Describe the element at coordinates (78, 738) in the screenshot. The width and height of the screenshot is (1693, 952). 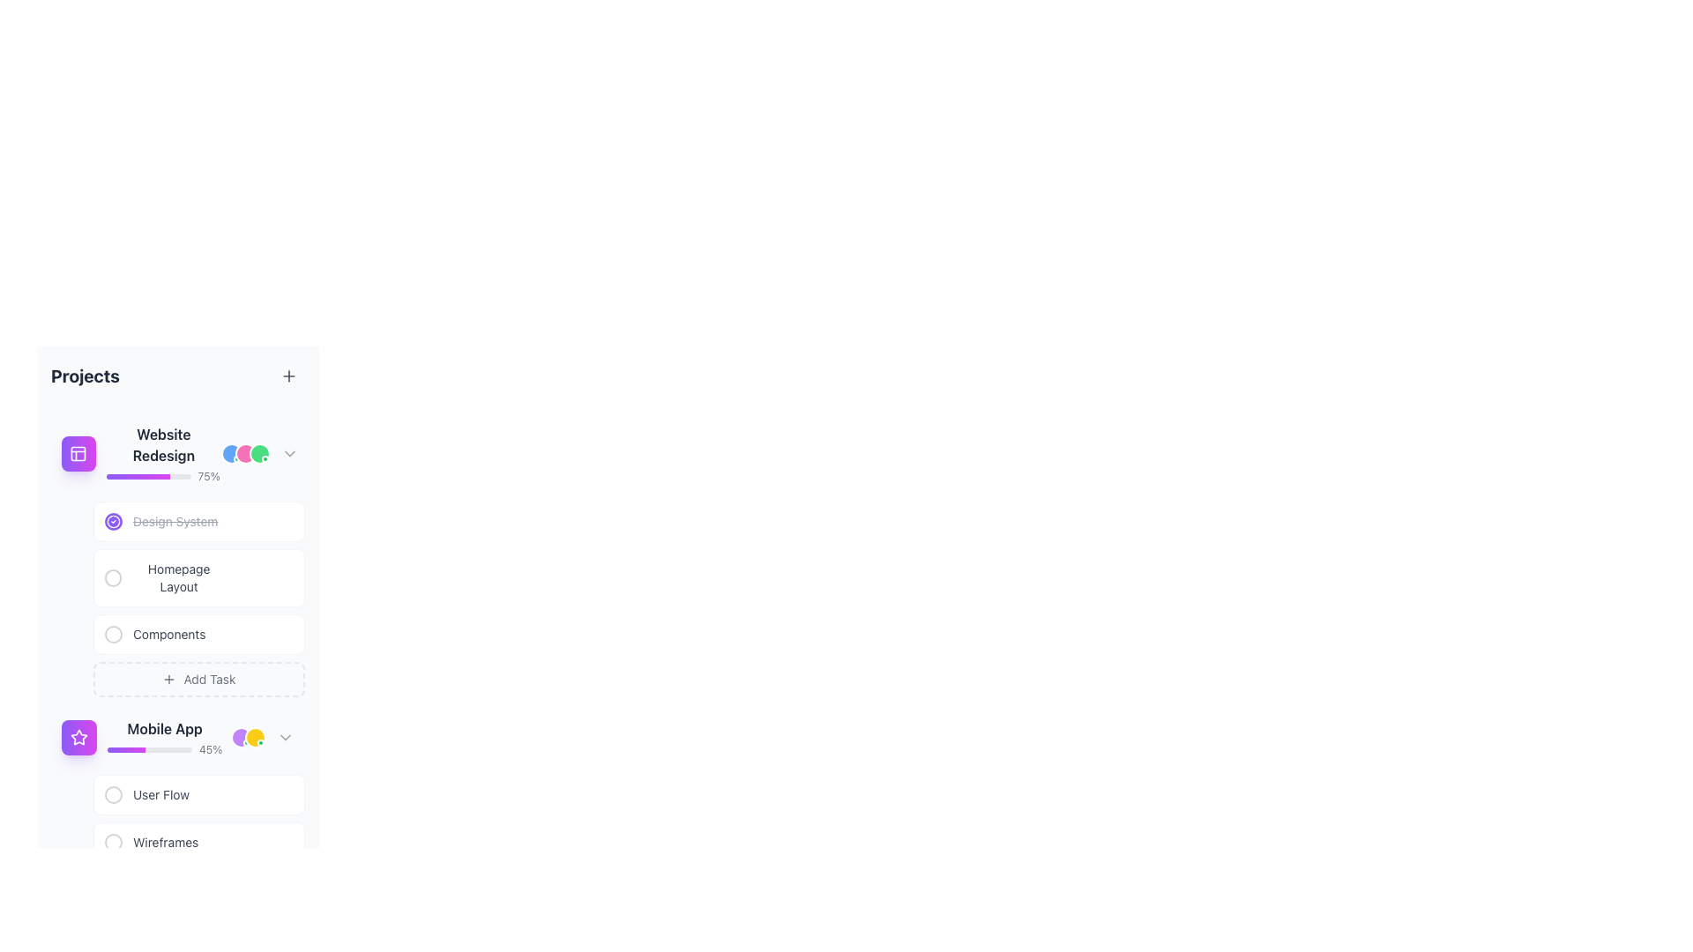
I see `the star-shaped SVG icon with a white stroke and no fill, located inside a circular purple gradient background to the left of the project title in the 'Mobile App' project entry` at that location.